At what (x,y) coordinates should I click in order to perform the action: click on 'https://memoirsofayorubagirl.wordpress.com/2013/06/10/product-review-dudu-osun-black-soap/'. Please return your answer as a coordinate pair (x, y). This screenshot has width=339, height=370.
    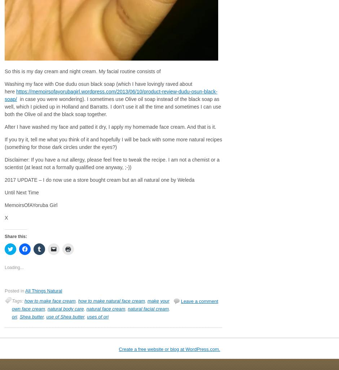
    Looking at the image, I should click on (4, 95).